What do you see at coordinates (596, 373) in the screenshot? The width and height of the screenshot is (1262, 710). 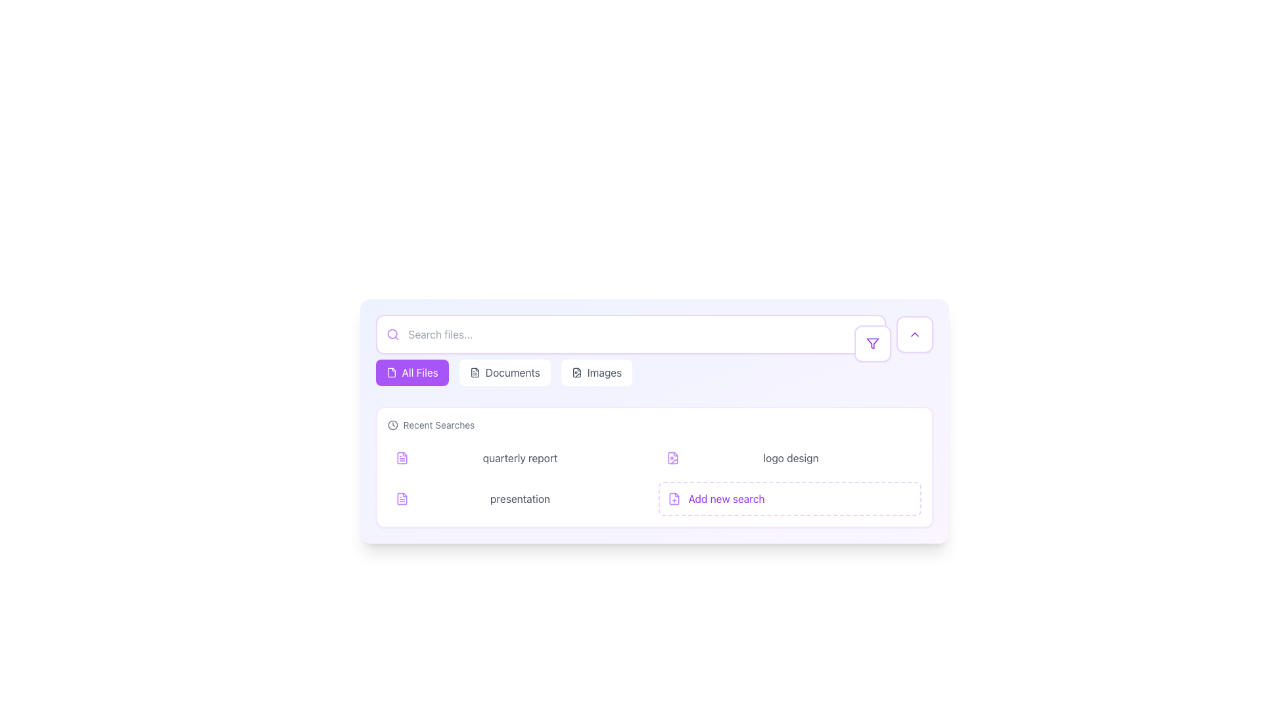 I see `the third button in the top center bar that filters images` at bounding box center [596, 373].